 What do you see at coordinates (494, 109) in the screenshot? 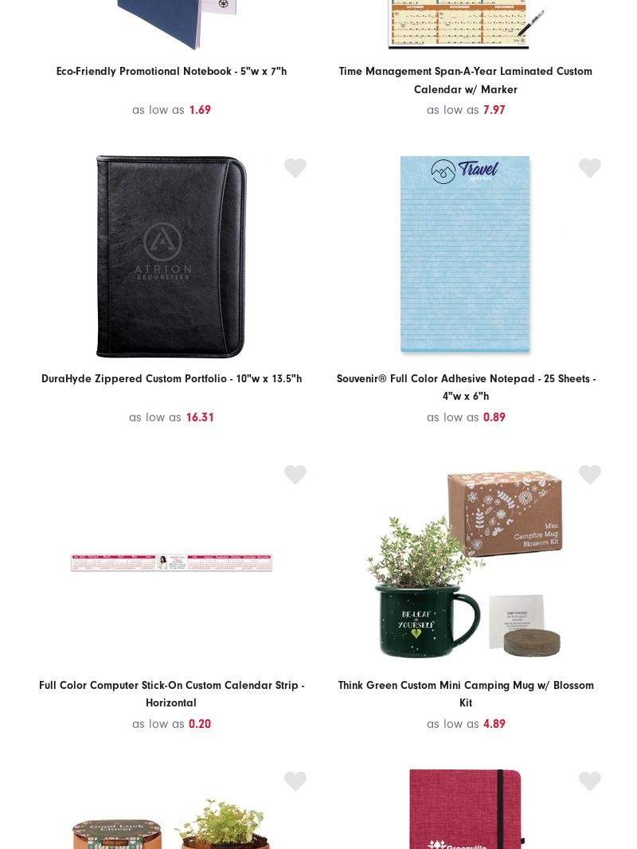
I see `'7.97'` at bounding box center [494, 109].